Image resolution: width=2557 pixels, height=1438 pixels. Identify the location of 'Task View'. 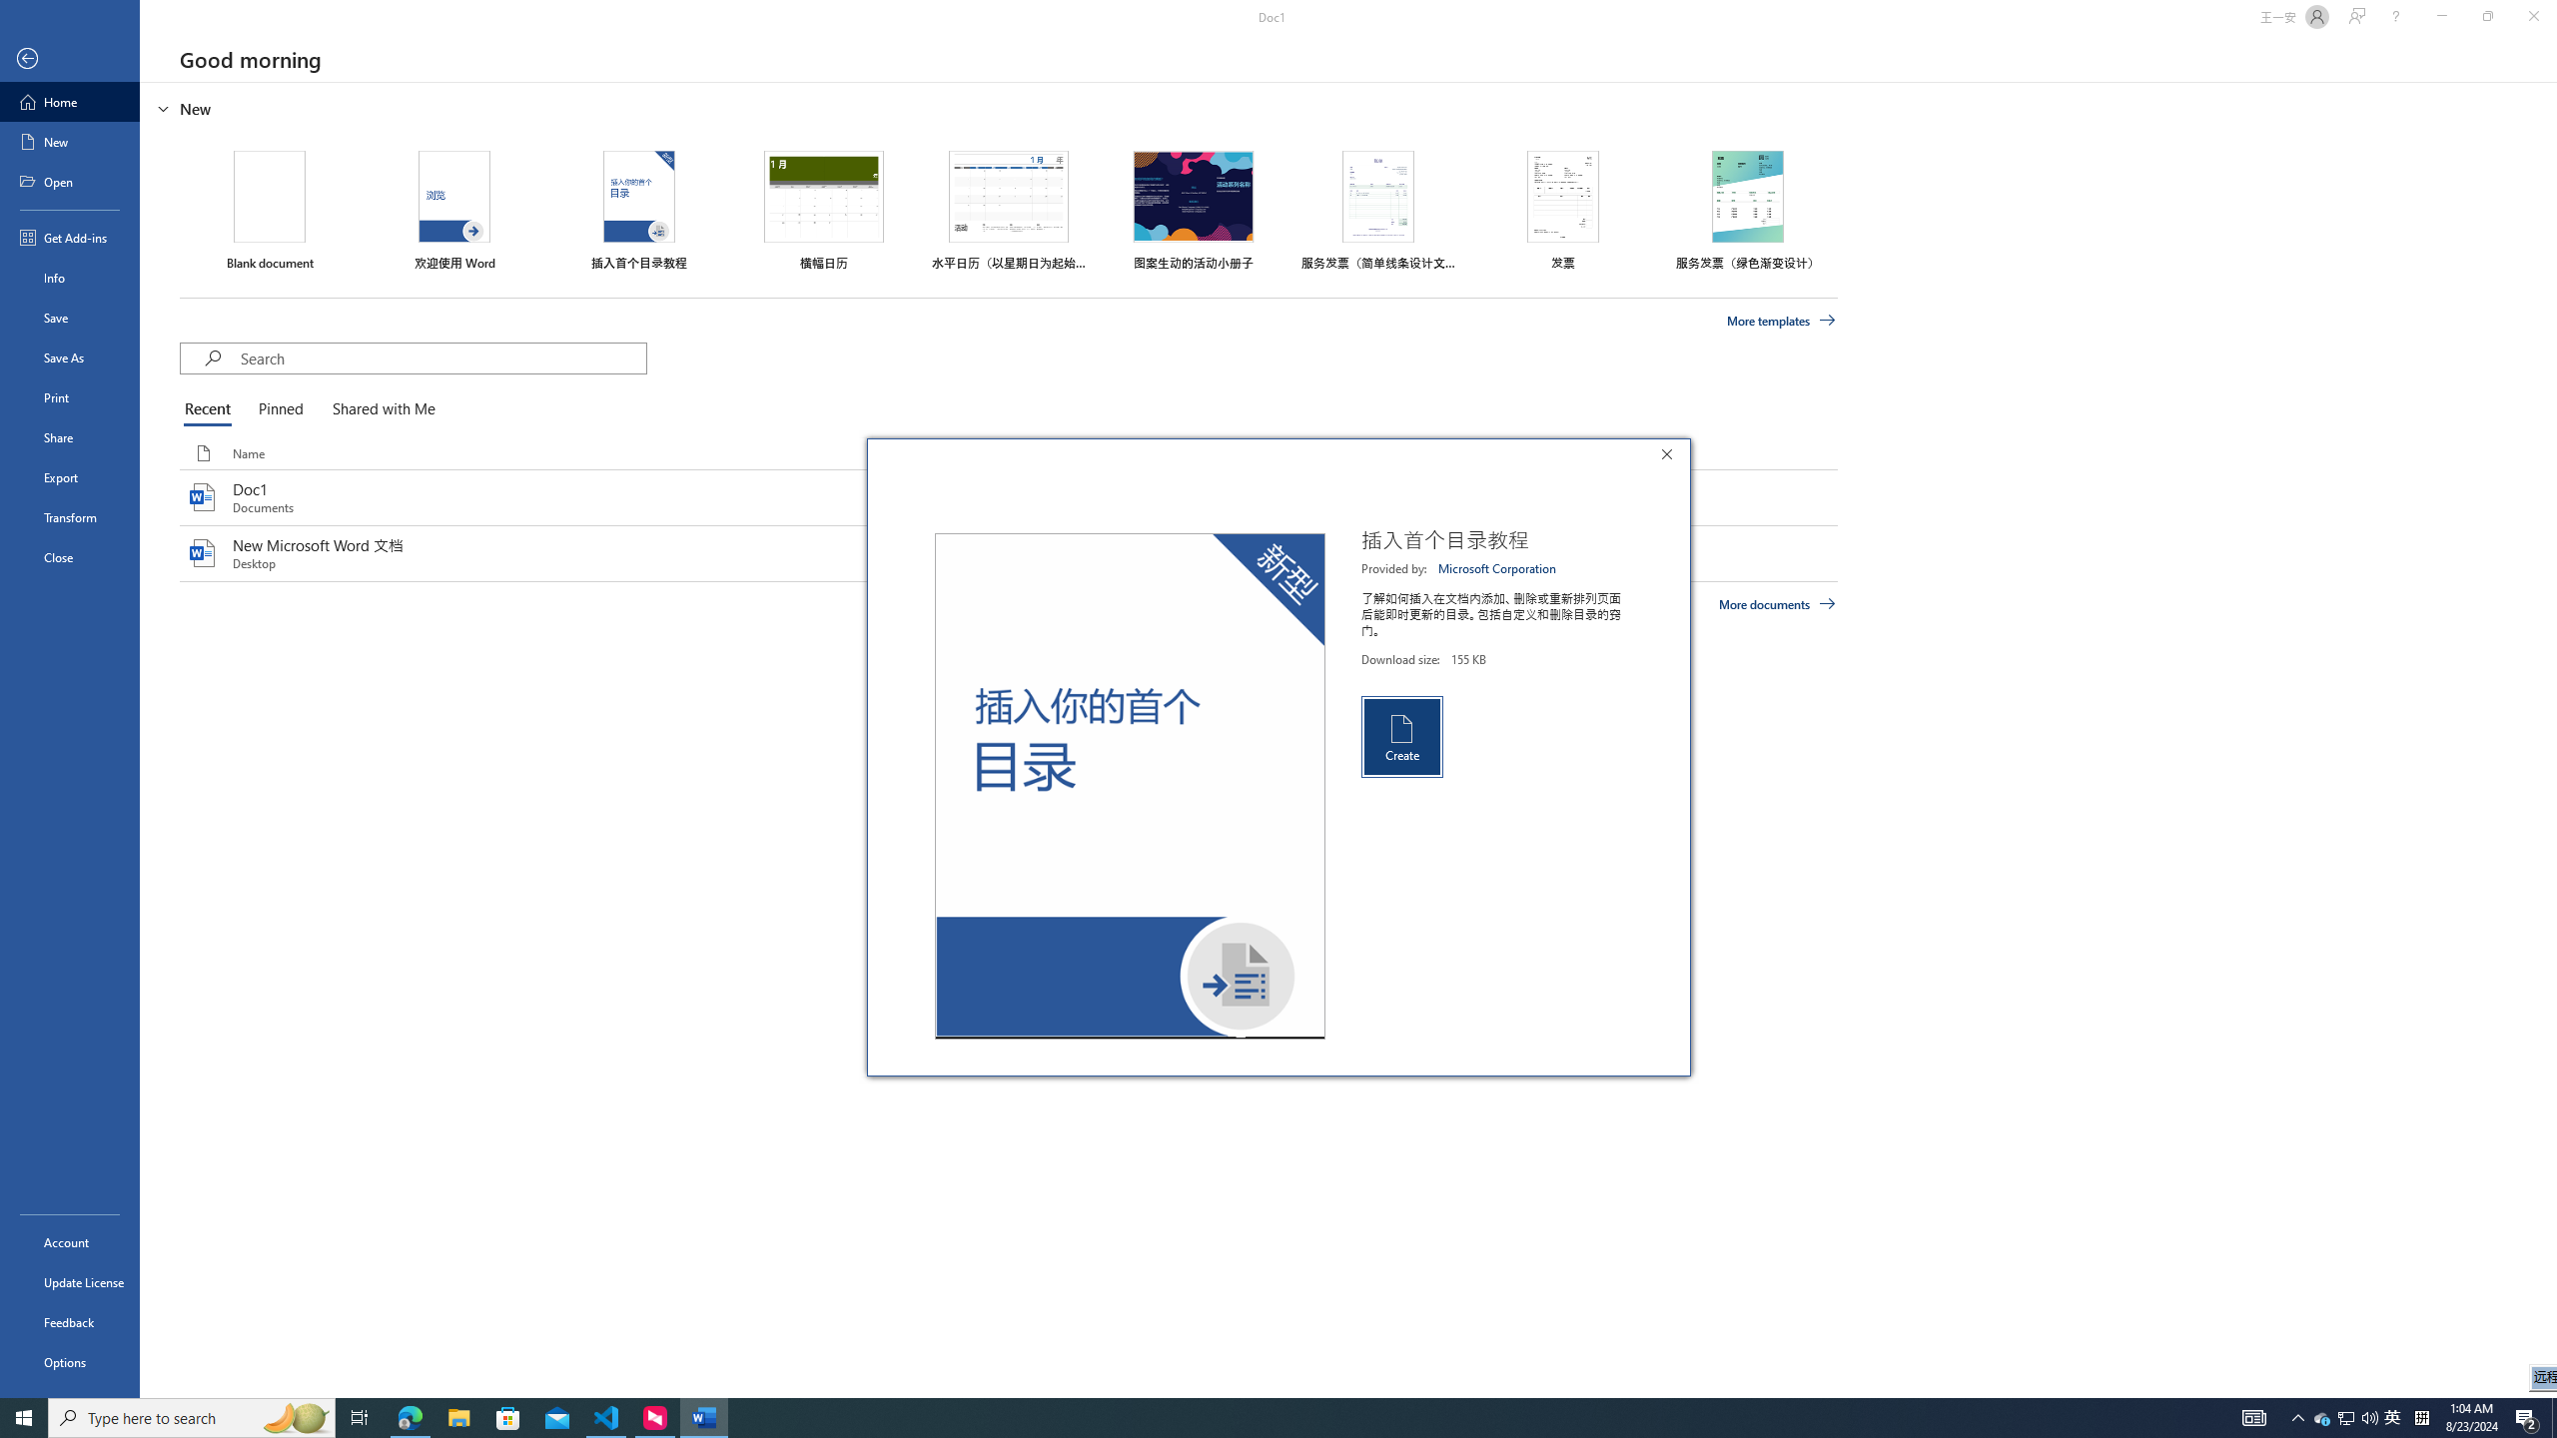
(358, 1416).